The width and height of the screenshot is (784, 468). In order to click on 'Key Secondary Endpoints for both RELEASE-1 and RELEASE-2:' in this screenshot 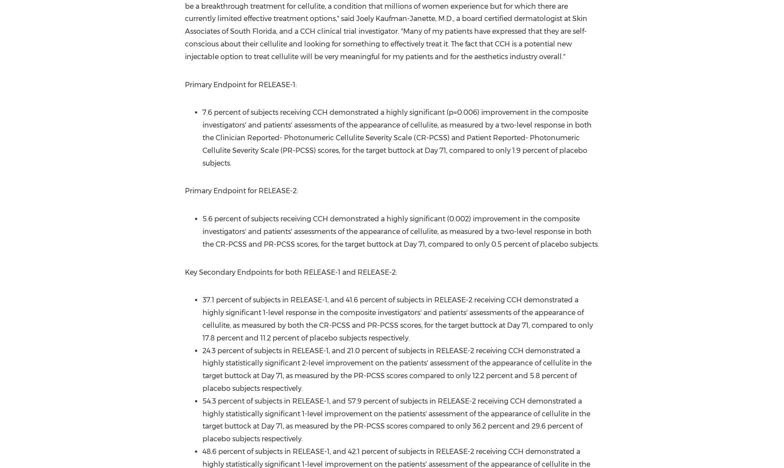, I will do `click(184, 271)`.